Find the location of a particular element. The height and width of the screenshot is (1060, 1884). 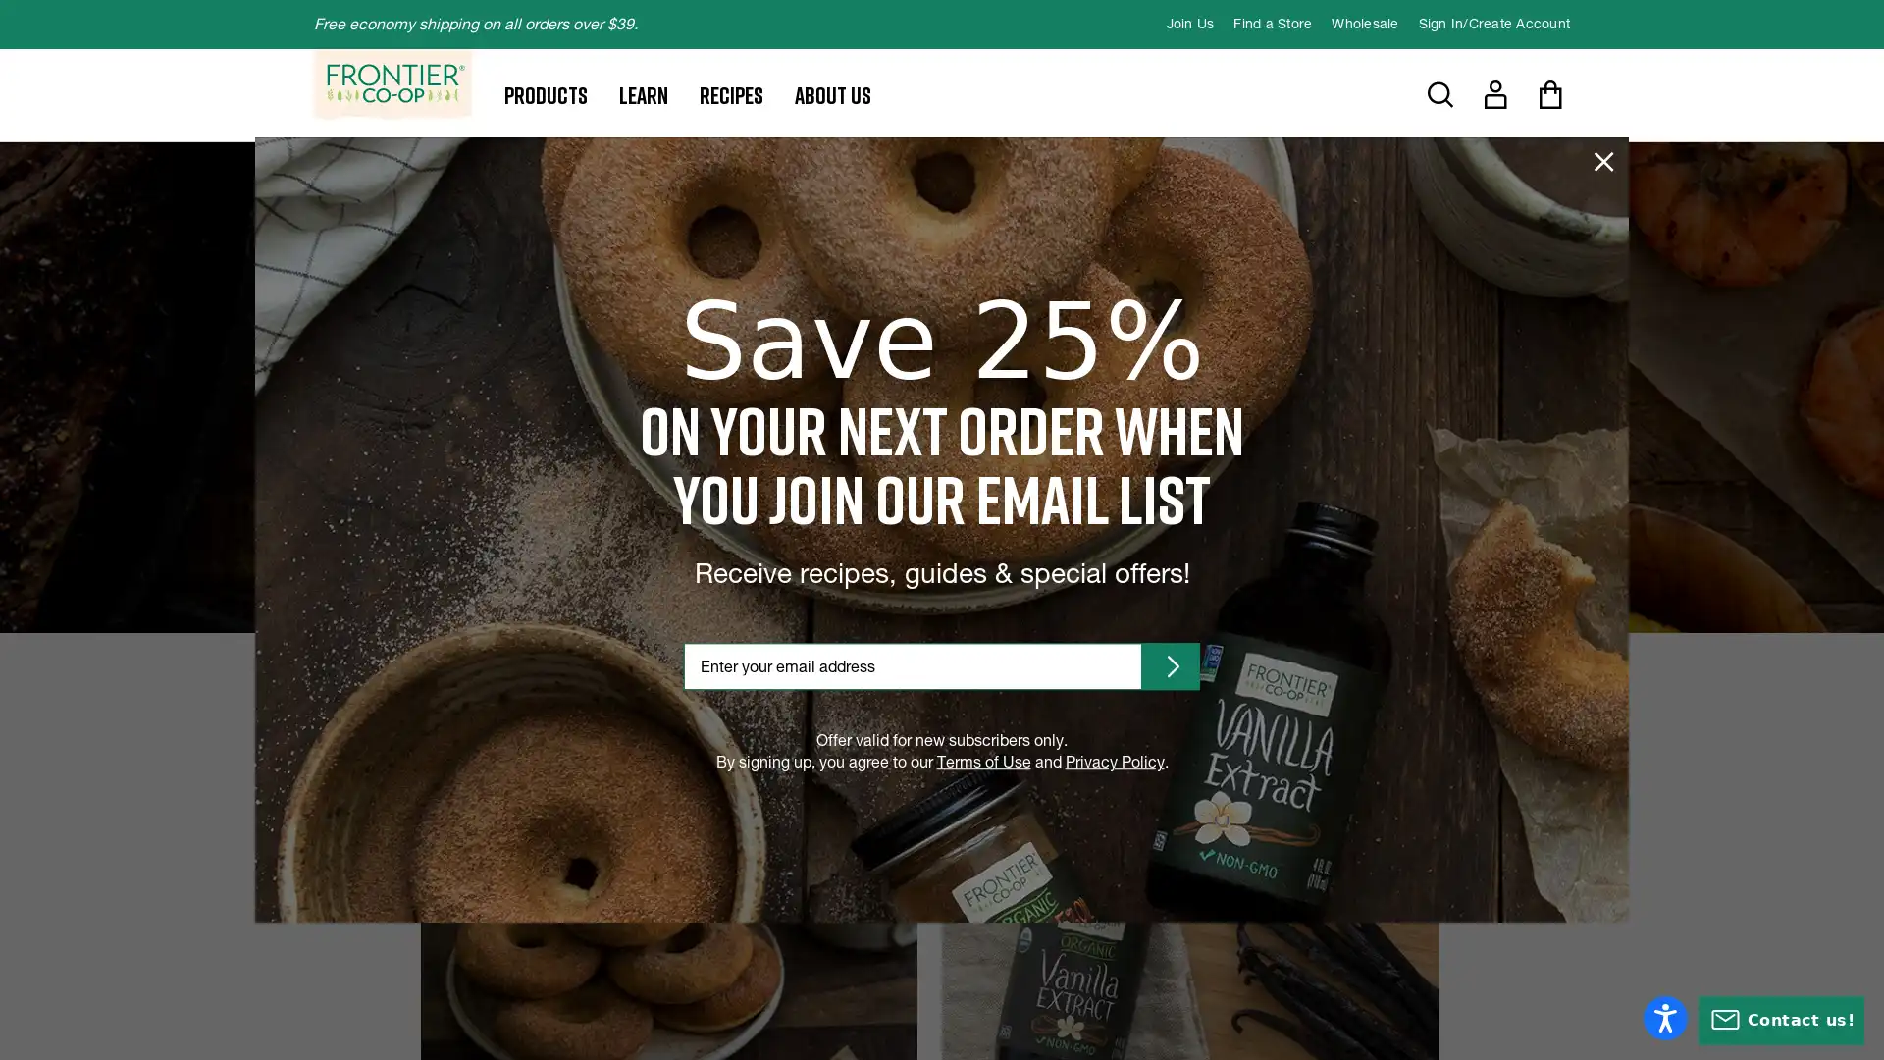

My Cart is located at coordinates (1548, 94).